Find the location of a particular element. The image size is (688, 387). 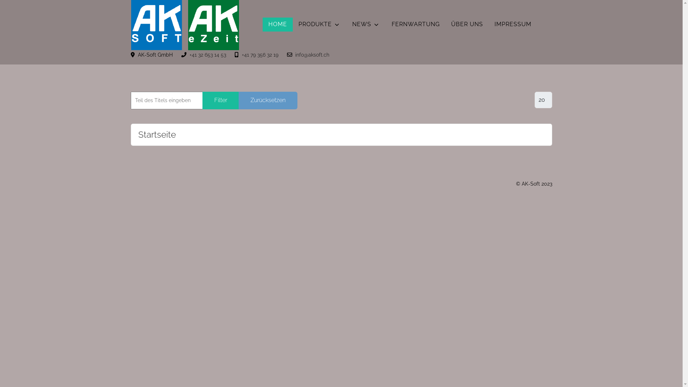

'+41 79 356 32 19' is located at coordinates (259, 54).